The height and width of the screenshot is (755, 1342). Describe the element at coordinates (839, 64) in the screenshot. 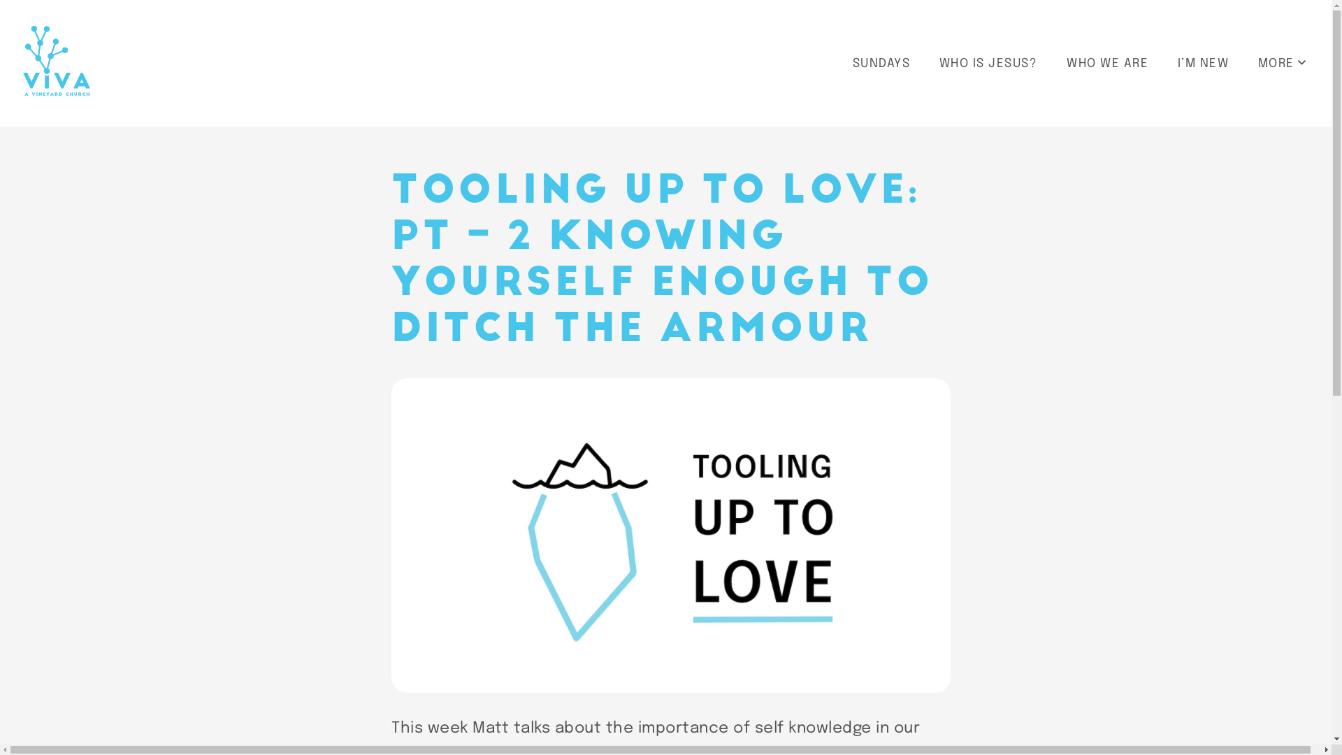

I see `'SUNDAYS'` at that location.